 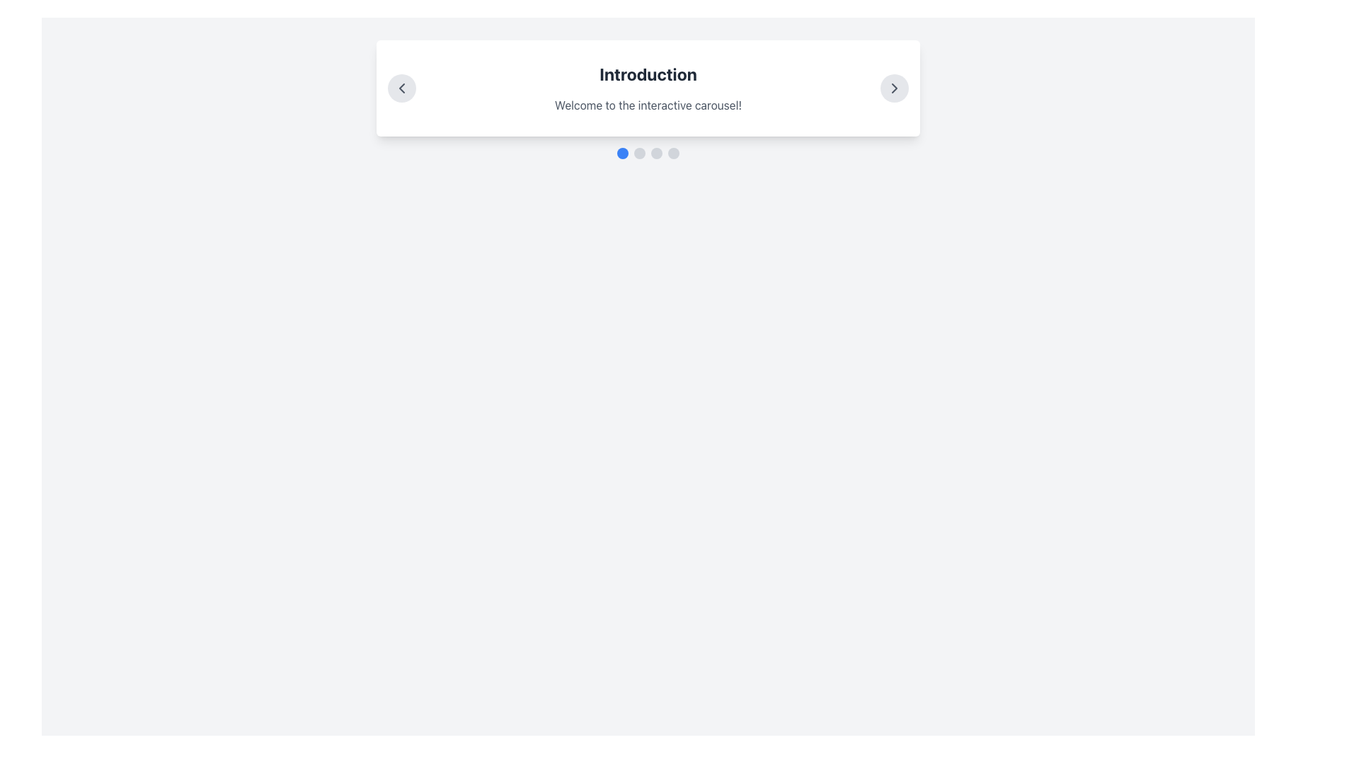 I want to click on the Icon button located on the left side of the horizontal navigation bar, so click(x=401, y=88).